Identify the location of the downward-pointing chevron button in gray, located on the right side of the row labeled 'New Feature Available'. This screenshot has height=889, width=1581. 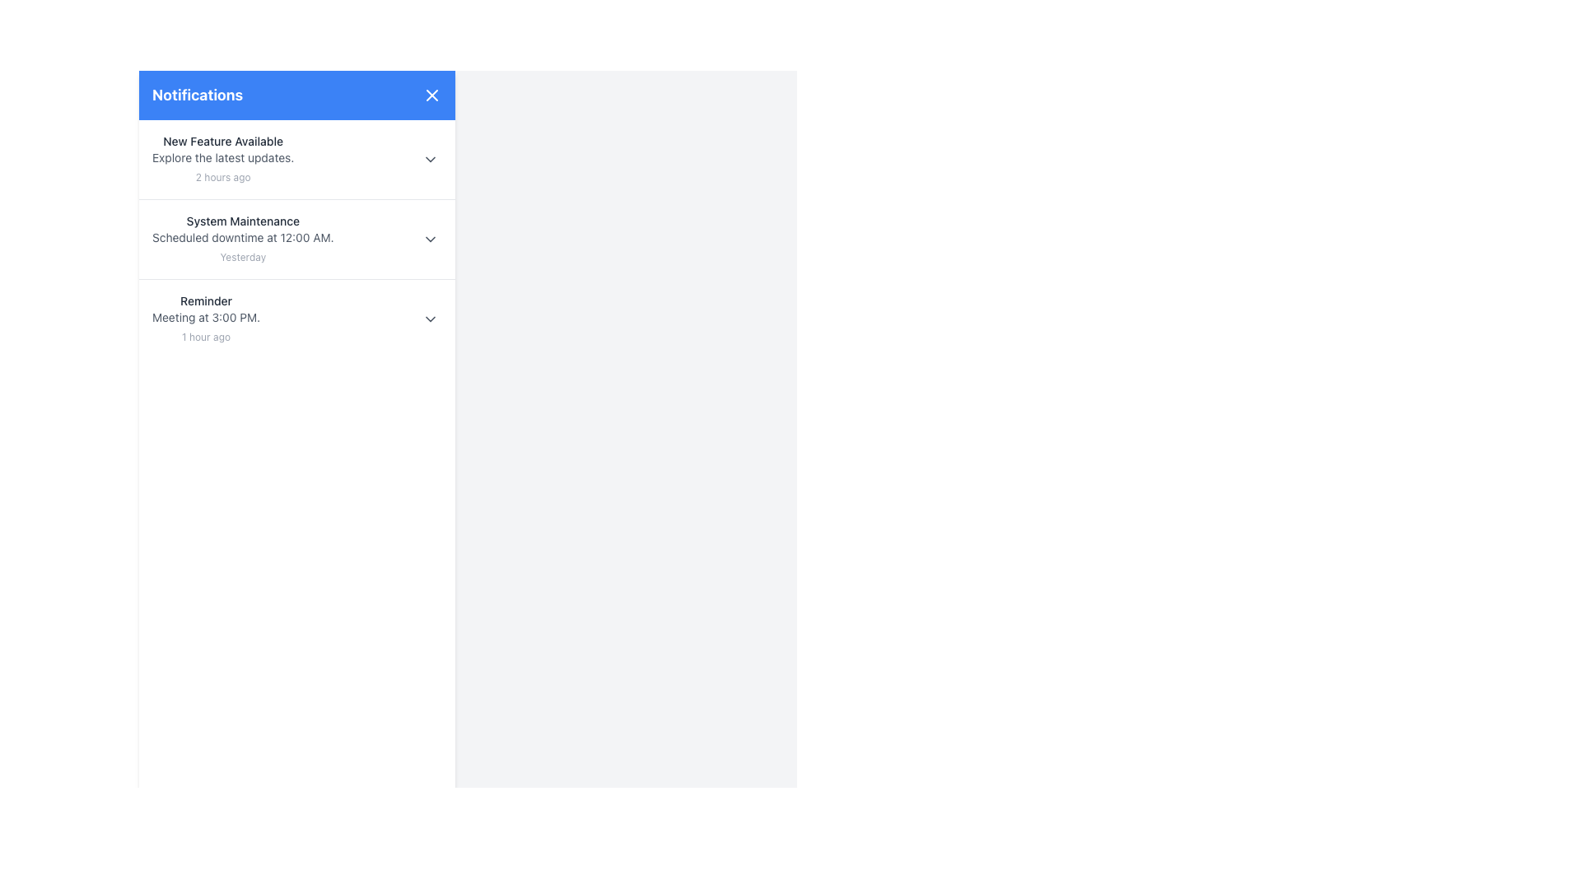
(431, 159).